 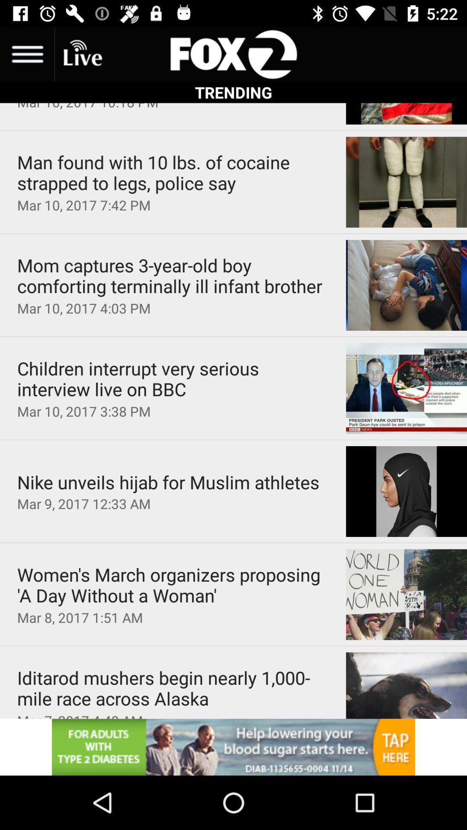 What do you see at coordinates (26, 54) in the screenshot?
I see `the menu icon` at bounding box center [26, 54].